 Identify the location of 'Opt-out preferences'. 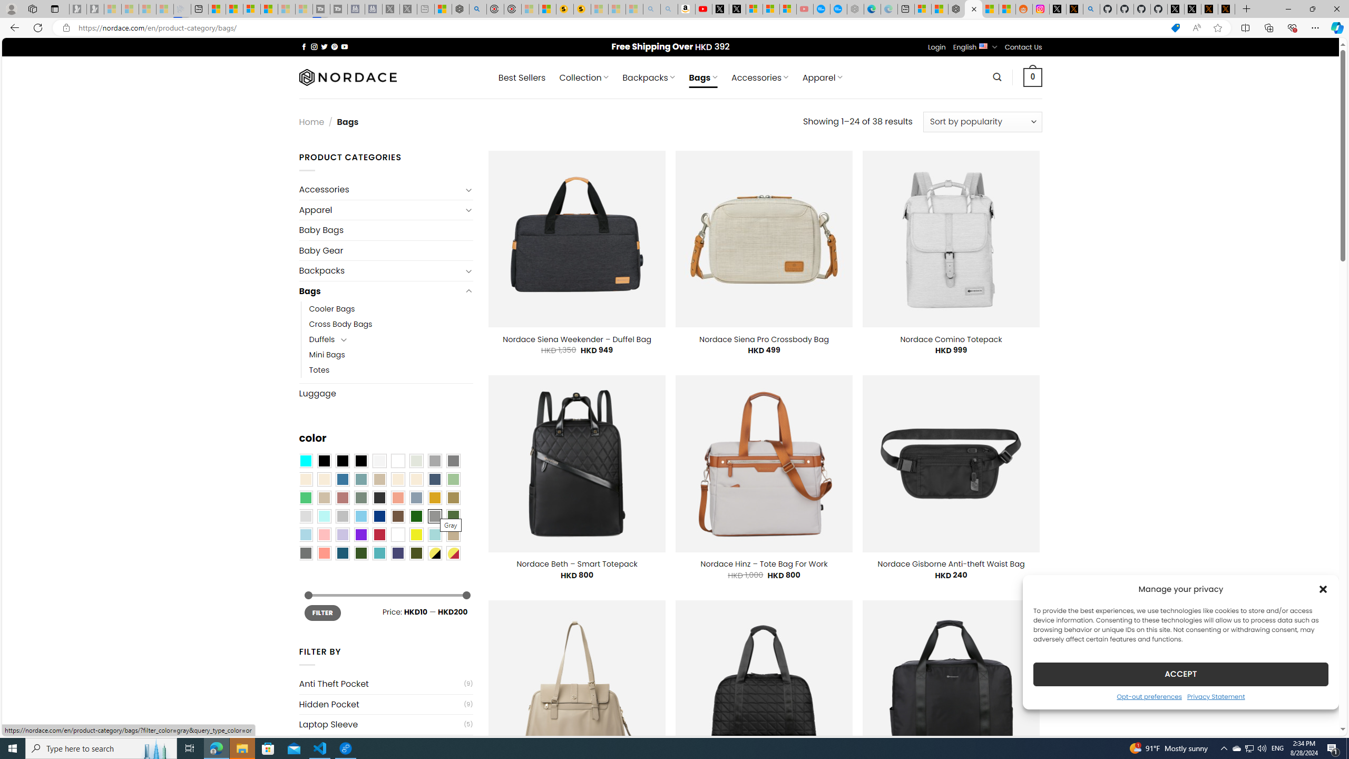
(1149, 696).